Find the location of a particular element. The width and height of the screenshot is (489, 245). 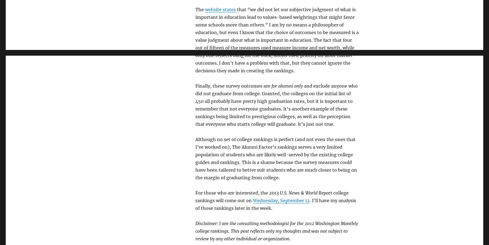

'U.S. News & World Report' is located at coordinates (306, 193).